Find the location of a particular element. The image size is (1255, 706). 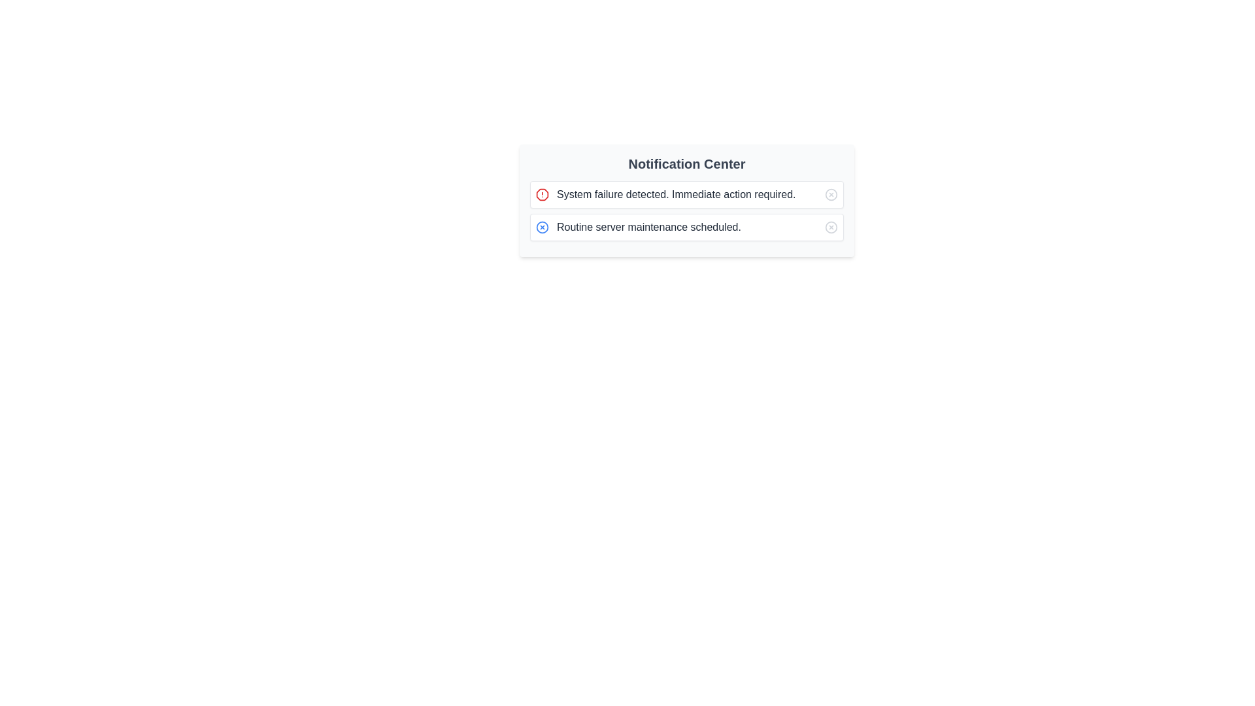

the circular graphical icon component with a sharp border located at the right end of the top notification row inside the notification center panel is located at coordinates (831, 194).